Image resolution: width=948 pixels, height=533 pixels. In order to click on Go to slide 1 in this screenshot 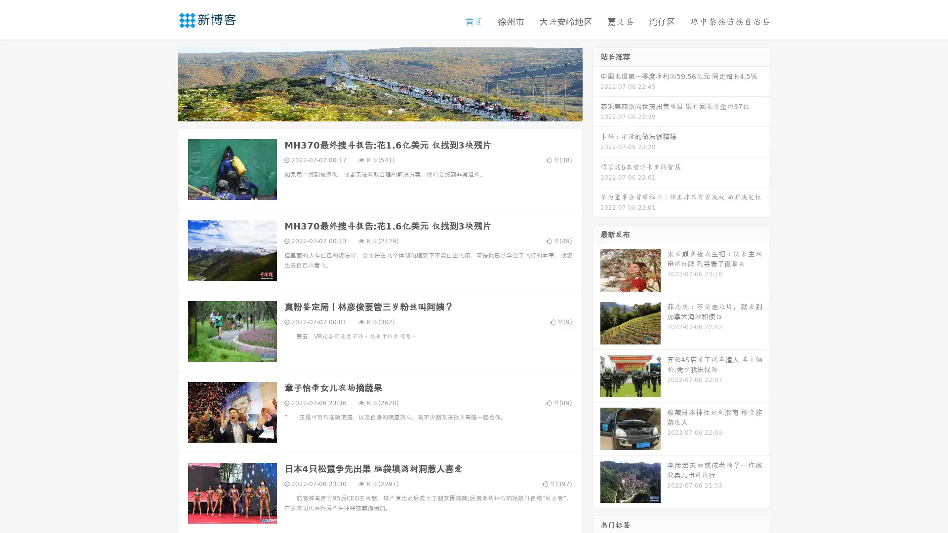, I will do `click(369, 111)`.